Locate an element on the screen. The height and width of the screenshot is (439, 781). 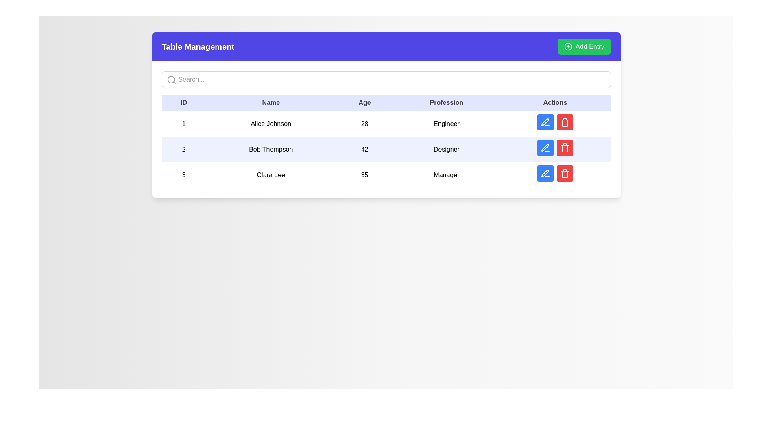
the icon button in the 'Actions' column of the table to initiate an edit action for the row corresponding to 'Bob Thompson' is located at coordinates (545, 122).